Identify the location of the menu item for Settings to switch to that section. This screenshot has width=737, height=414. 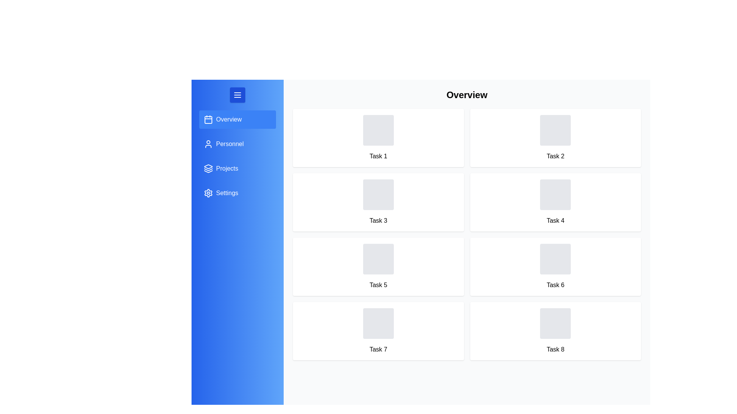
(237, 193).